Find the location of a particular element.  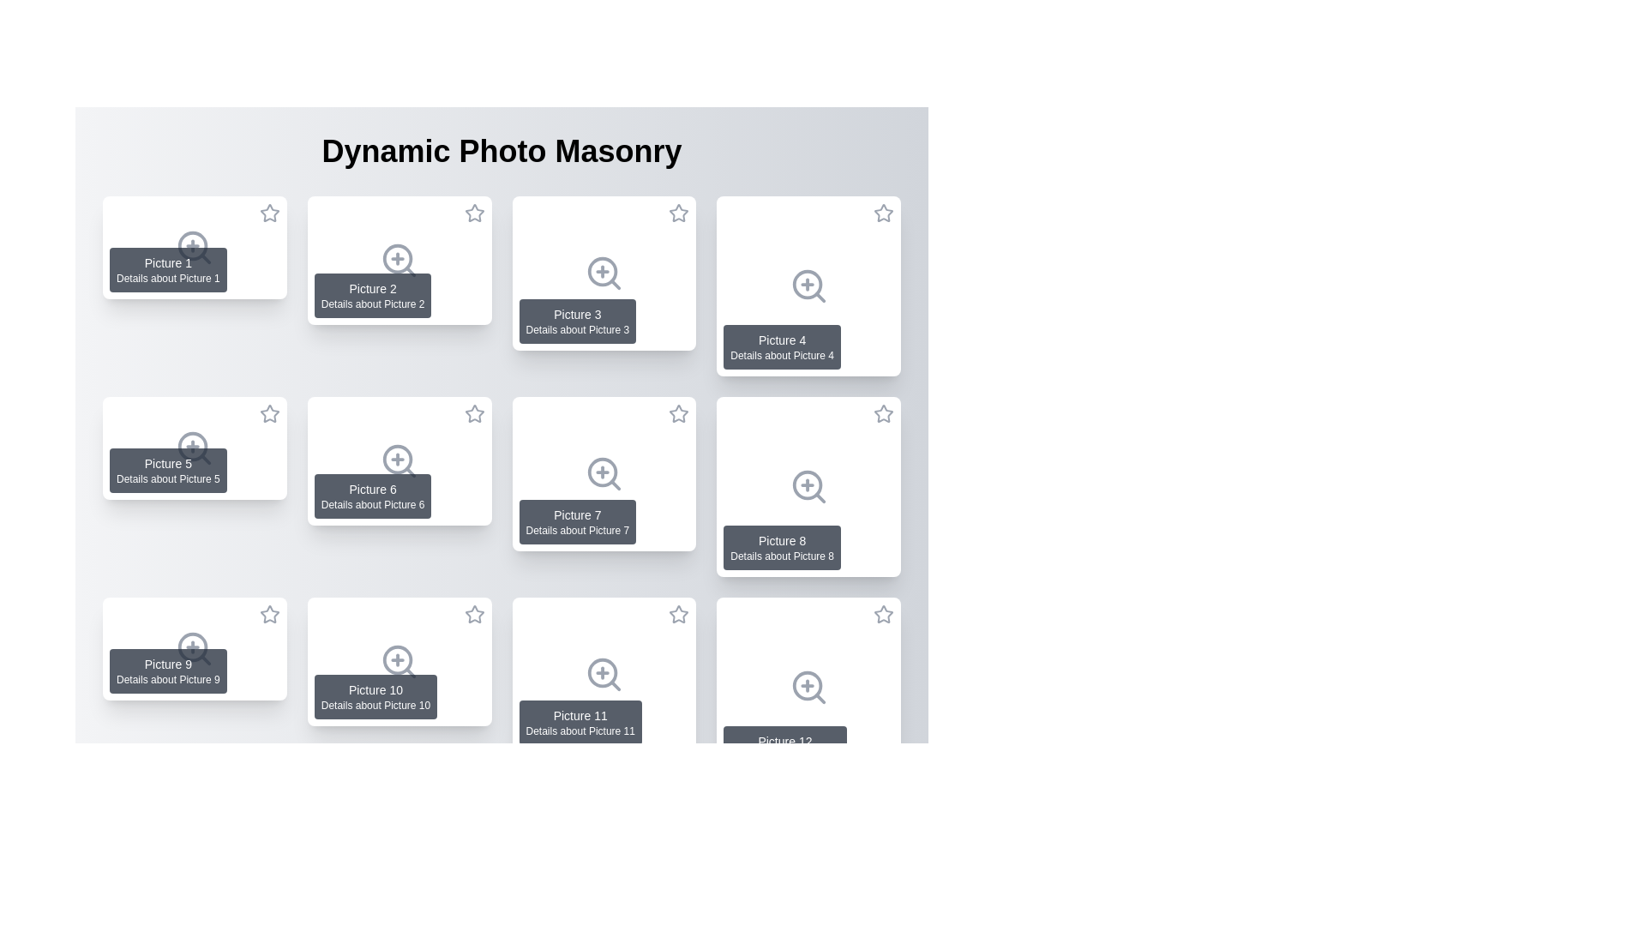

the star icon button located in the top-right corner of the card labeled 'Picture 1' is located at coordinates (268, 213).